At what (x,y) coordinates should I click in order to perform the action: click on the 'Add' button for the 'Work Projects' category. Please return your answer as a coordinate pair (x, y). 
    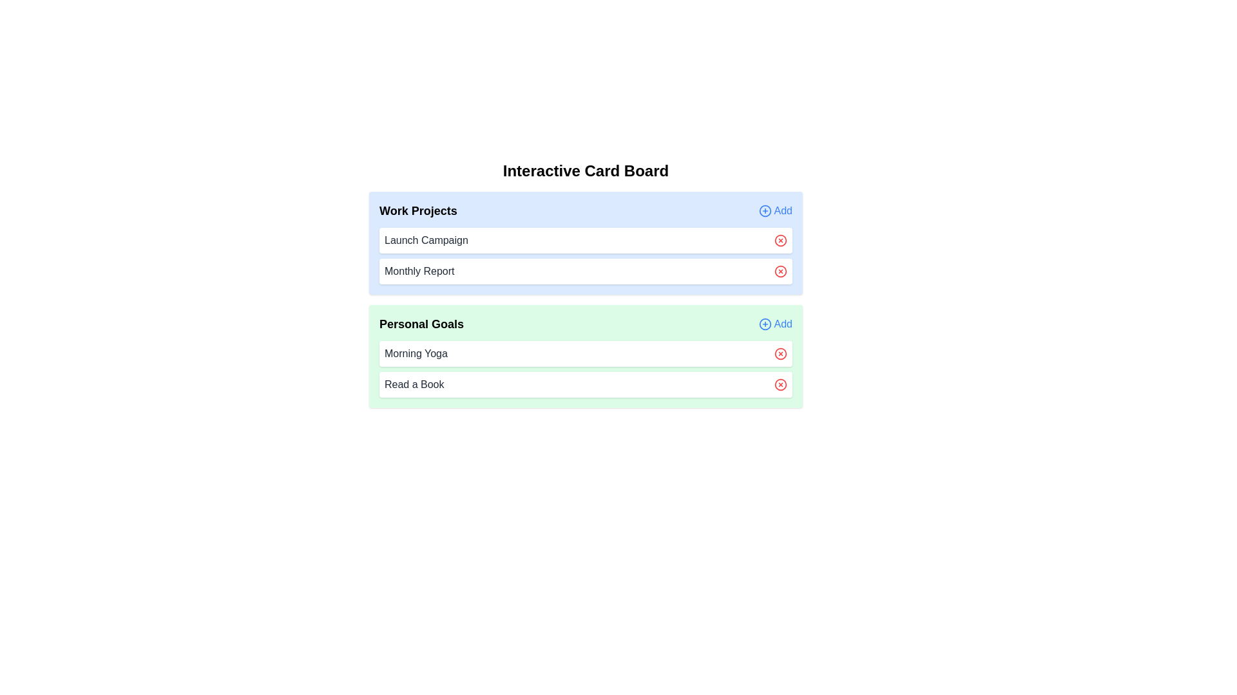
    Looking at the image, I should click on (774, 210).